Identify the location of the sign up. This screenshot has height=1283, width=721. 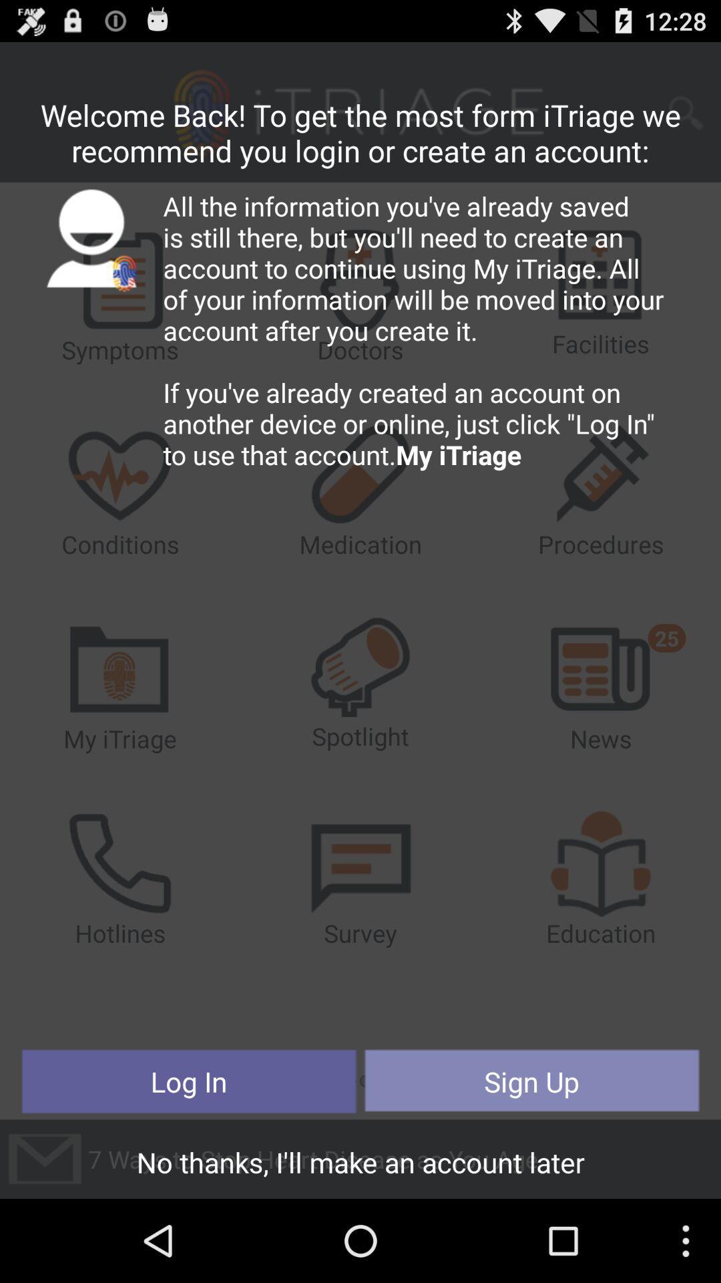
(531, 1081).